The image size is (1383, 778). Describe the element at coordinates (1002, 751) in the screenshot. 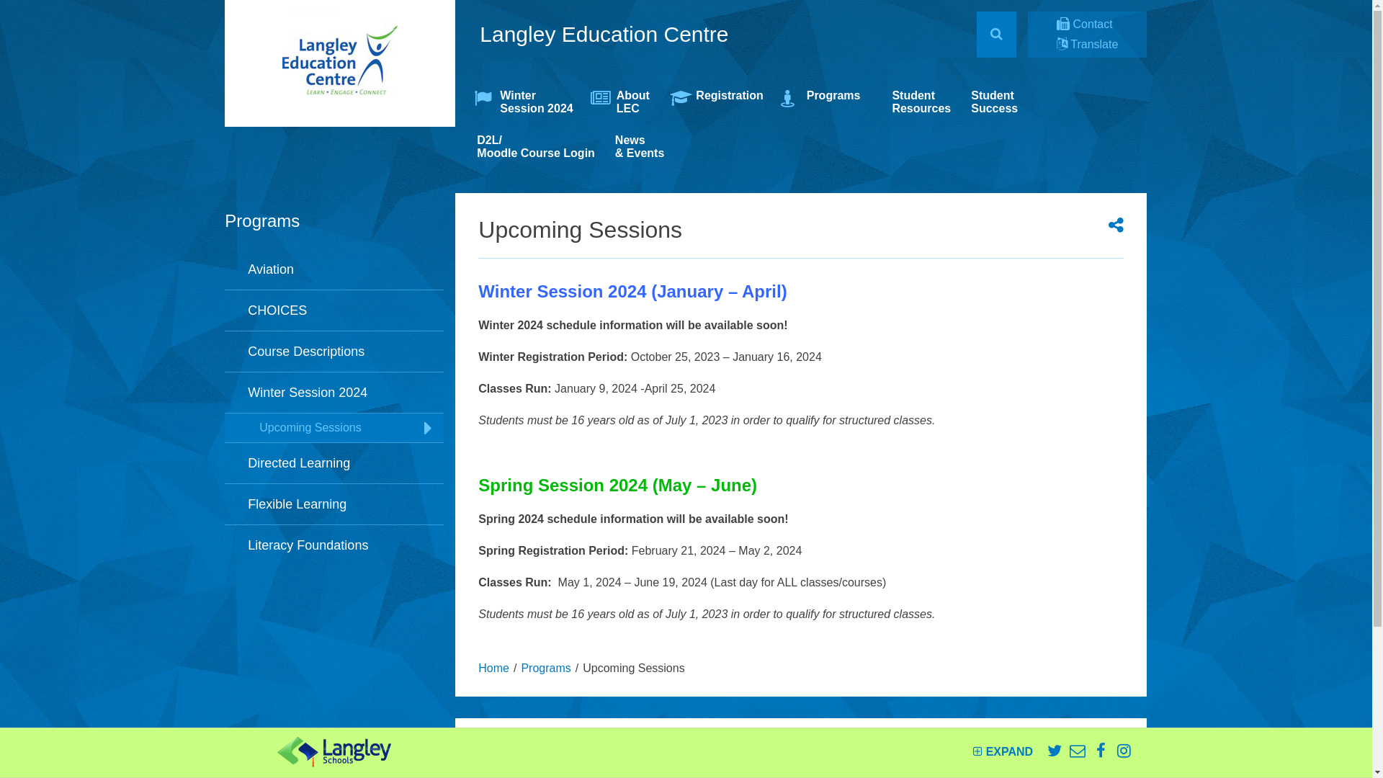

I see `' EXPAND'` at that location.